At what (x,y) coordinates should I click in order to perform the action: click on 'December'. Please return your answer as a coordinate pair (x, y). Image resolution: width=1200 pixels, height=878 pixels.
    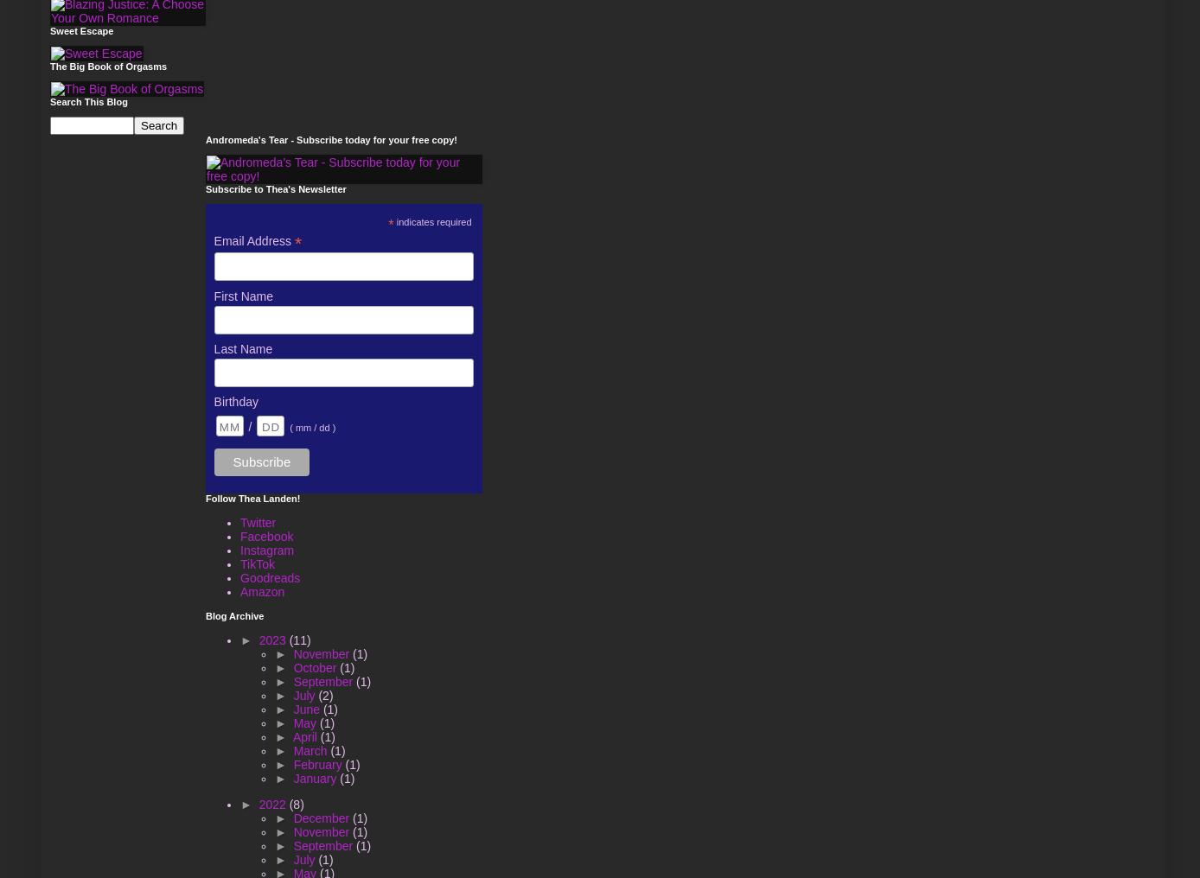
    Looking at the image, I should click on (322, 818).